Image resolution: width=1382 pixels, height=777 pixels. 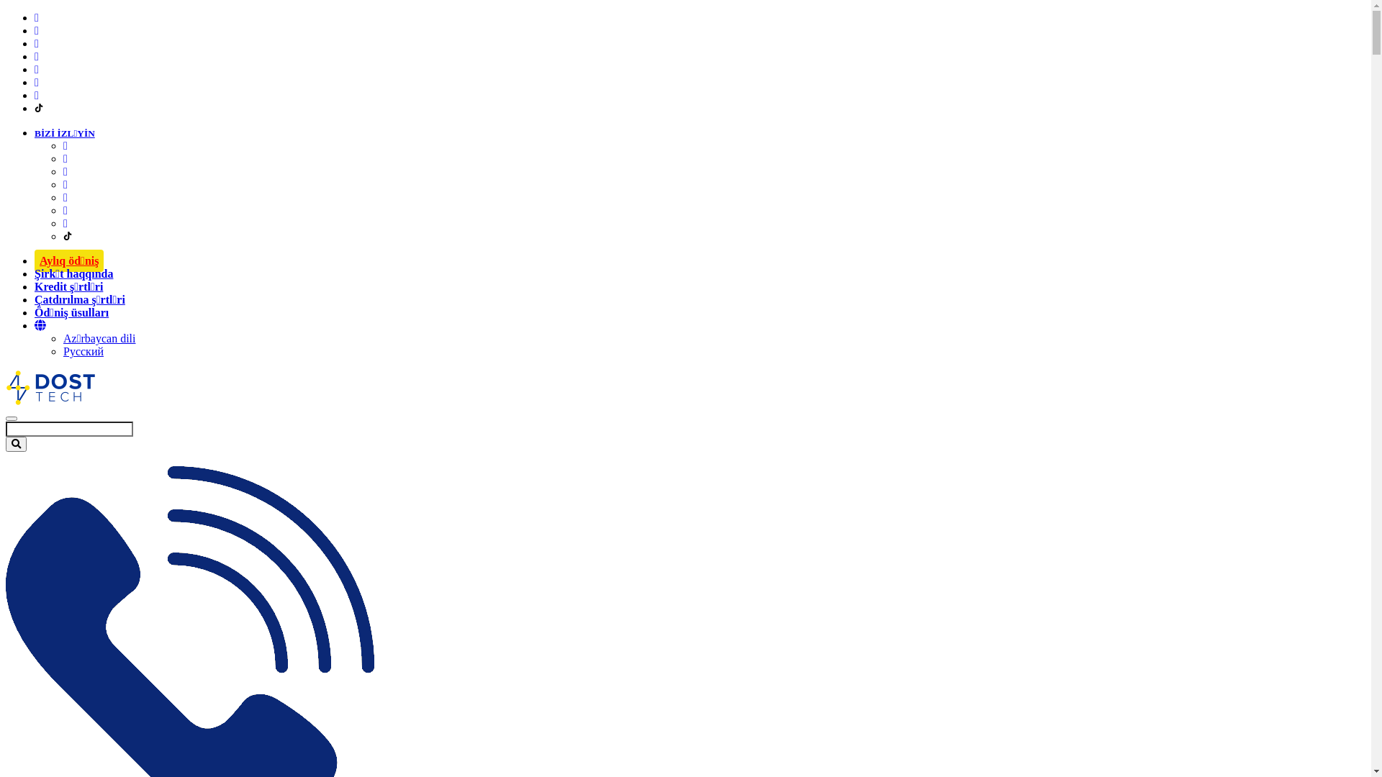 What do you see at coordinates (65, 223) in the screenshot?
I see `'Twitter'` at bounding box center [65, 223].